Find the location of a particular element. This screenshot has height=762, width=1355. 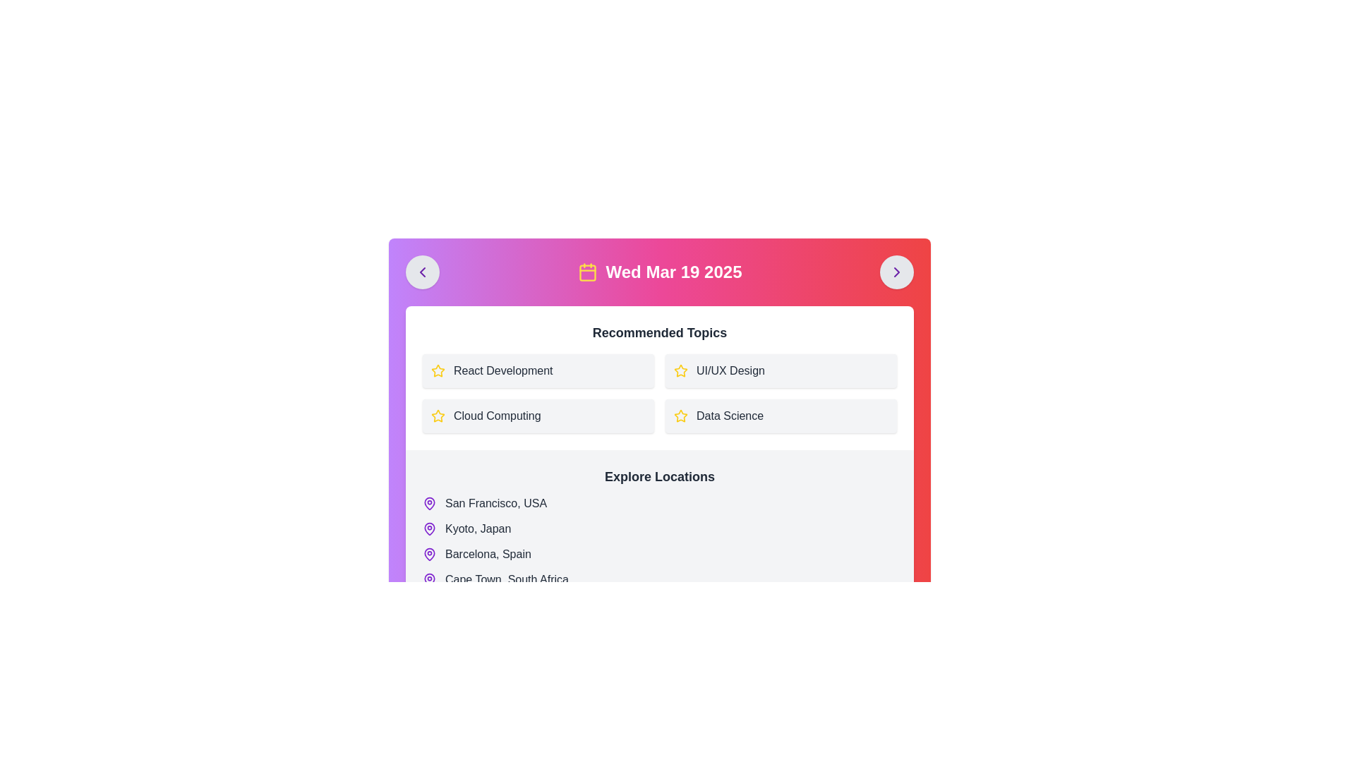

the bold header text labeled 'Recommended Topics', which is positioned prominently above a grid of clickable items is located at coordinates (659, 332).